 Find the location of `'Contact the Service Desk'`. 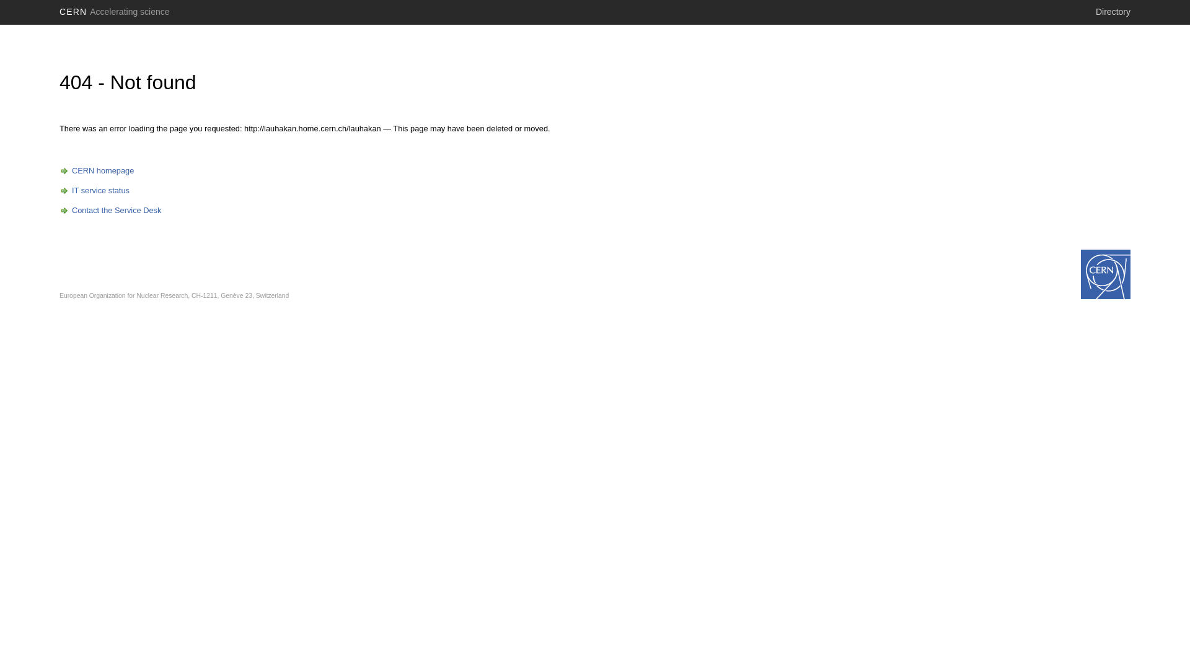

'Contact the Service Desk' is located at coordinates (110, 209).